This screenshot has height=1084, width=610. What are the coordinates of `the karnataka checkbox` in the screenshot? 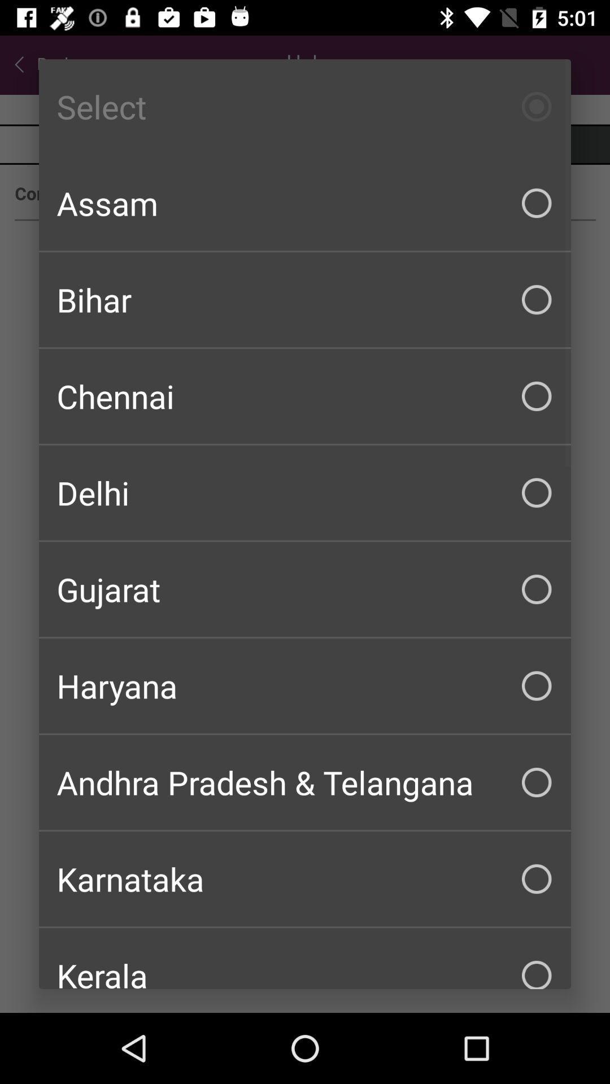 It's located at (305, 878).